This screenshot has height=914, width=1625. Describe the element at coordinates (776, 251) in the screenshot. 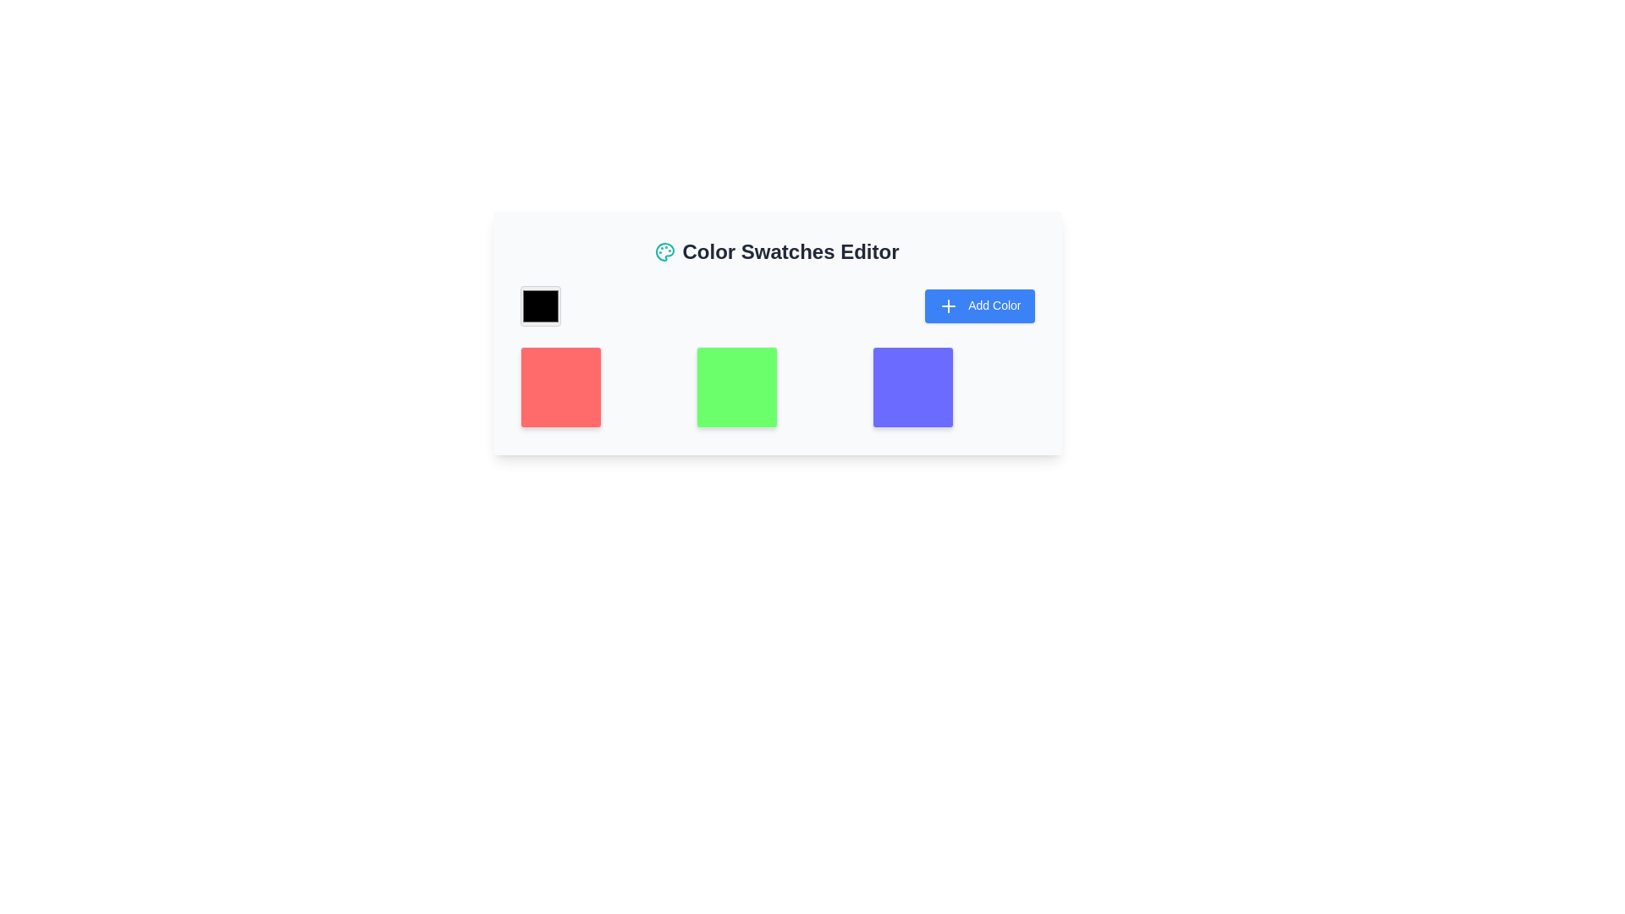

I see `the Header element labeled 'Color Swatches Editor' which includes a teal palette icon on the left side` at that location.